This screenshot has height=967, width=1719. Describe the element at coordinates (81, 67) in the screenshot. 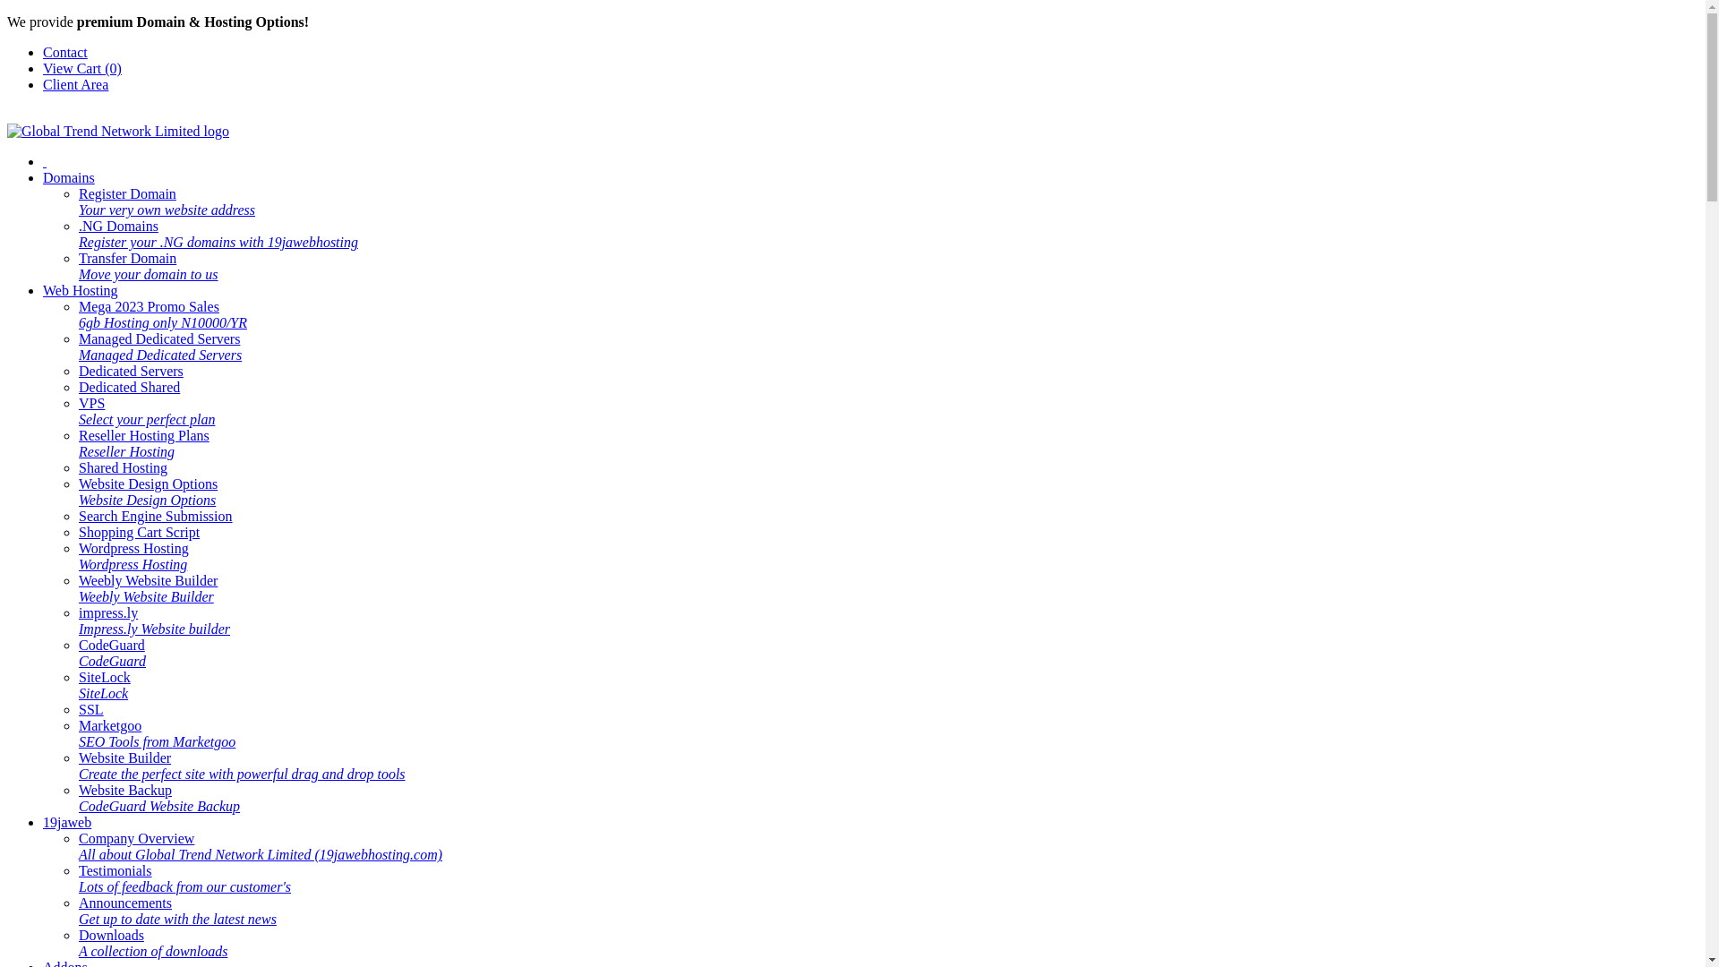

I see `'View Cart (0)'` at that location.